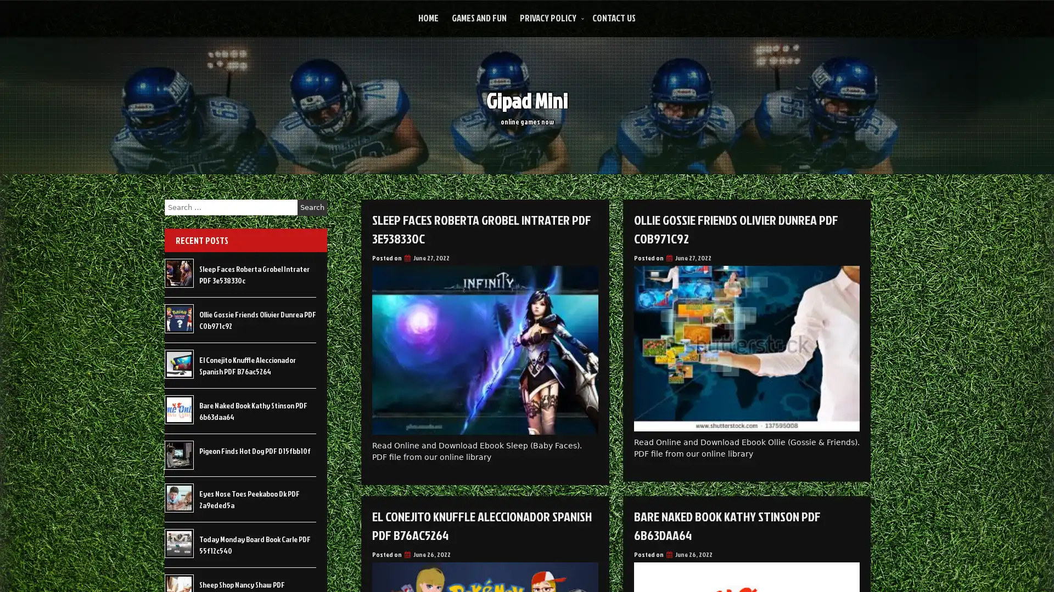 The width and height of the screenshot is (1054, 592). I want to click on Search, so click(312, 207).